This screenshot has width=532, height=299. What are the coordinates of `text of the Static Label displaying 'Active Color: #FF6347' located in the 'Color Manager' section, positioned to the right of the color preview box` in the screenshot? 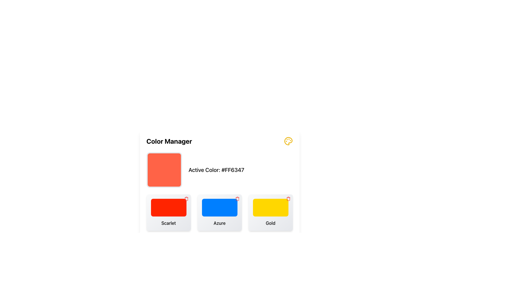 It's located at (216, 169).